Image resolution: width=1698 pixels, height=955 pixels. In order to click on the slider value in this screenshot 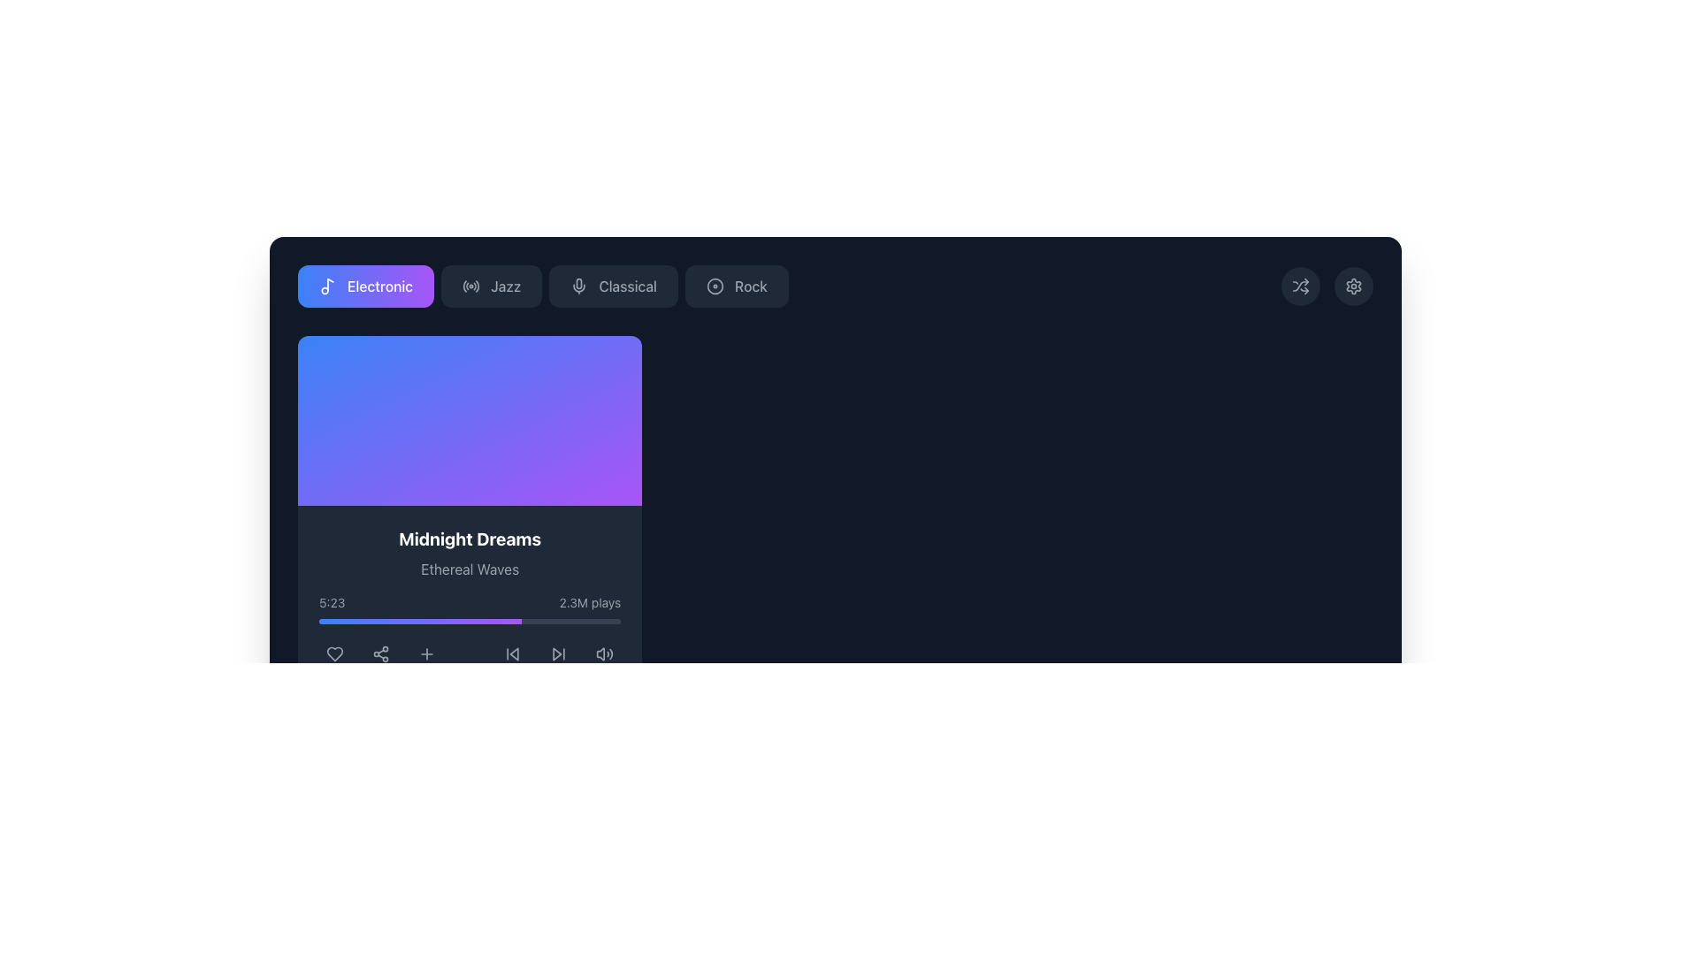, I will do `click(375, 620)`.